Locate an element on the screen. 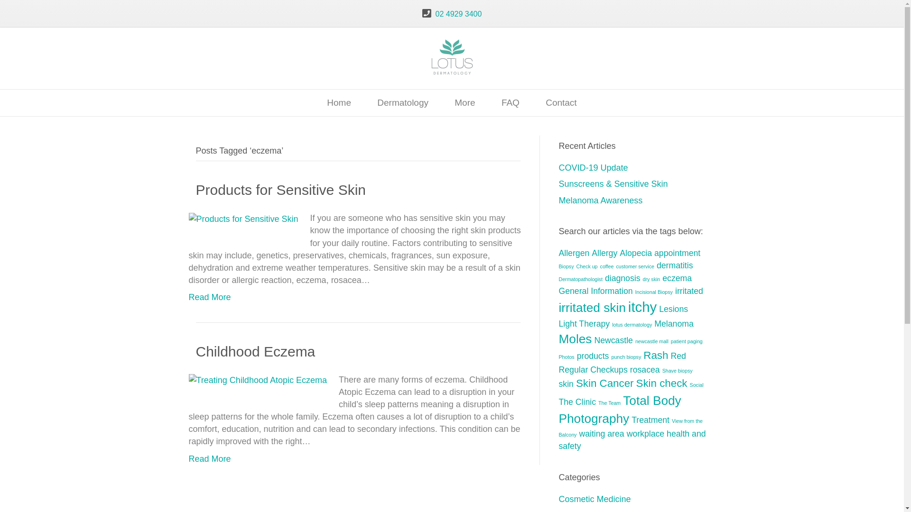 This screenshot has height=512, width=911. 'View from the Balcony' is located at coordinates (631, 428).